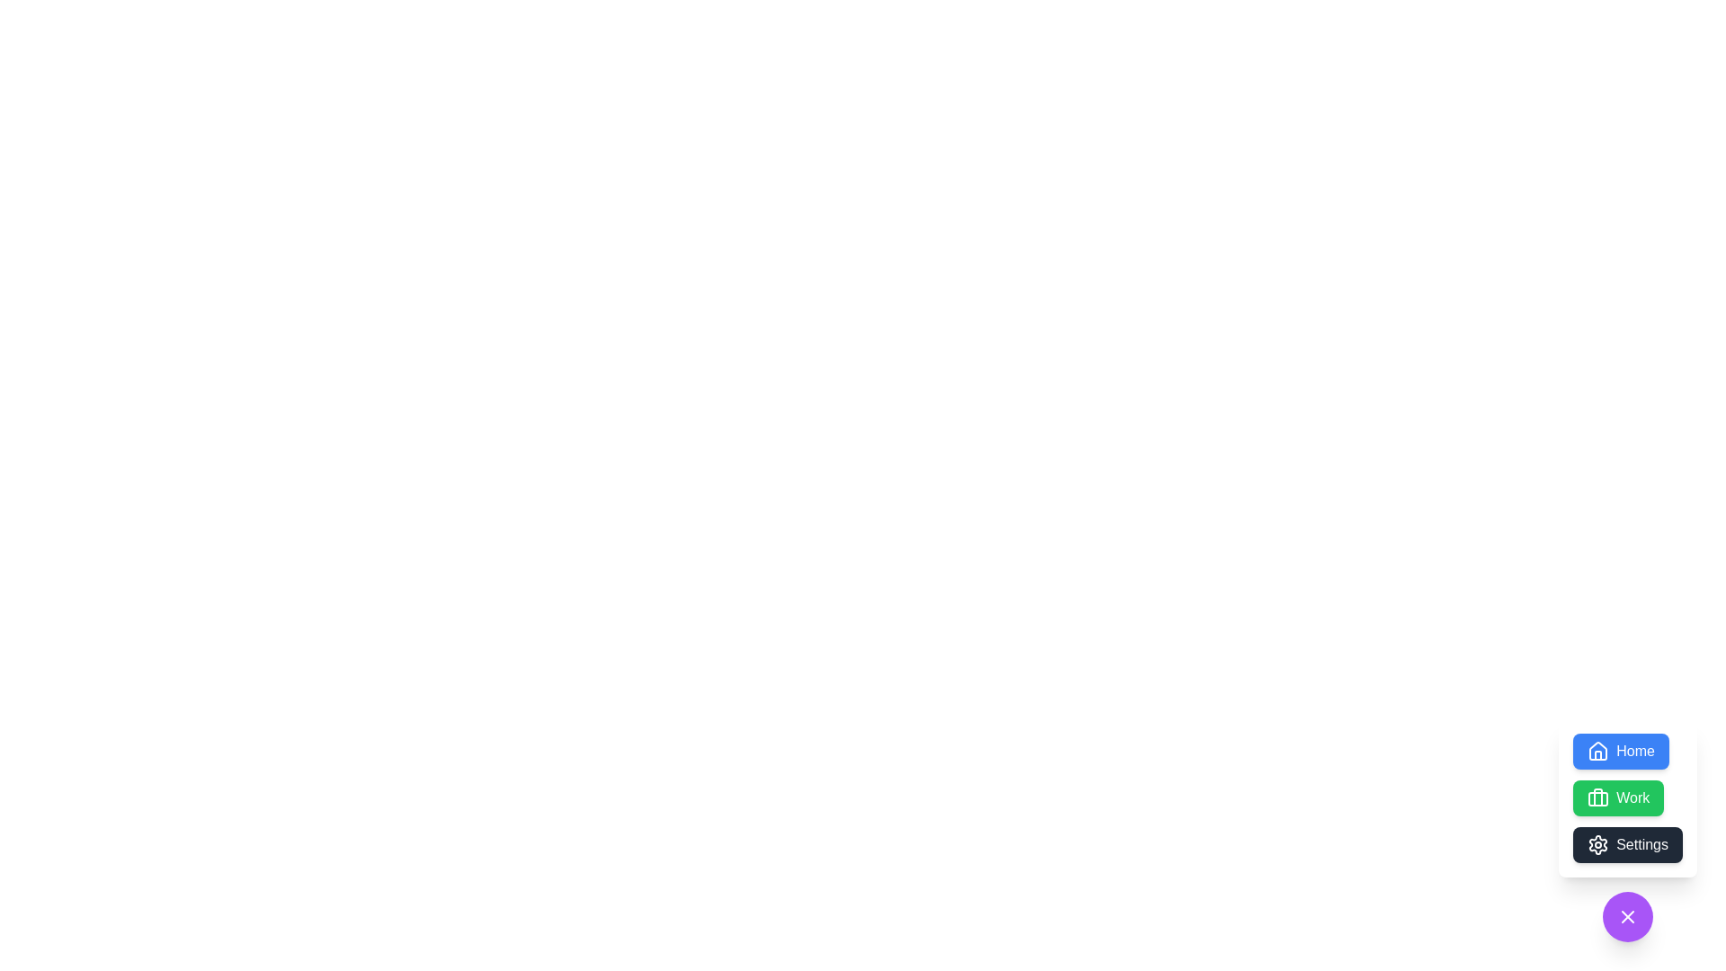 This screenshot has height=971, width=1726. Describe the element at coordinates (1628, 831) in the screenshot. I see `the 'Settings' button, which is a dark gray button with white text and a gear icon, located in the bottom-right panel beneath the 'Work' button` at that location.